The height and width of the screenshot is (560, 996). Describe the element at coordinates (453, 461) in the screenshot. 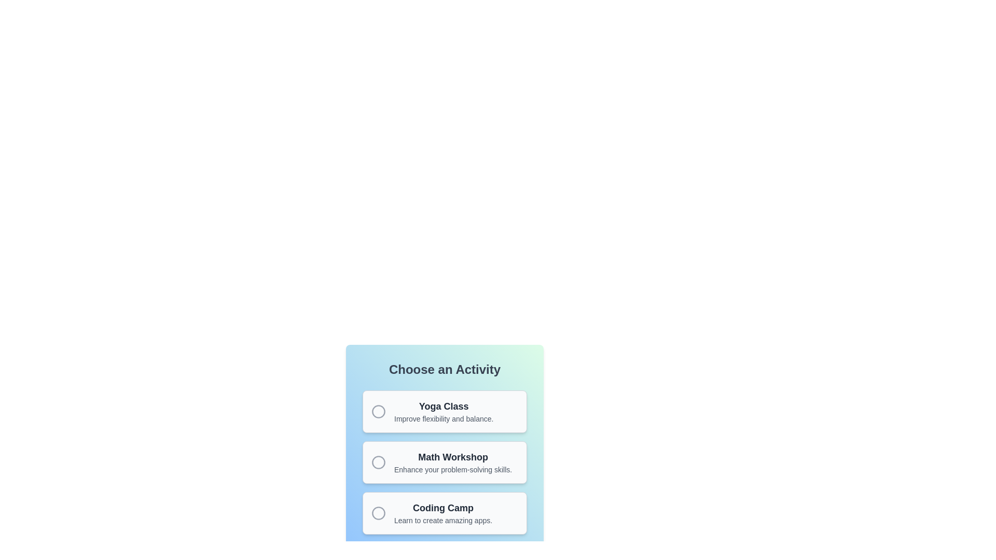

I see `the informational block labeled 'Math Workshop' which describes enhancing problem-solving skills, located in the second card of the vertical list under 'Choose an Activity'` at that location.